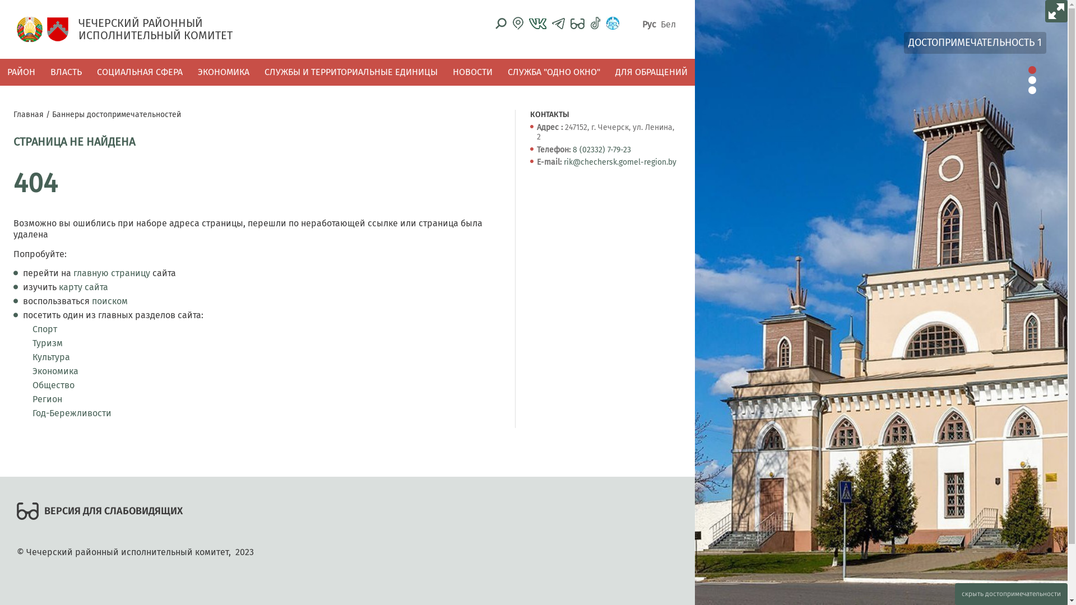 Image resolution: width=1076 pixels, height=605 pixels. Describe the element at coordinates (619, 162) in the screenshot. I see `'rik@chechersk.gomel-region.by'` at that location.